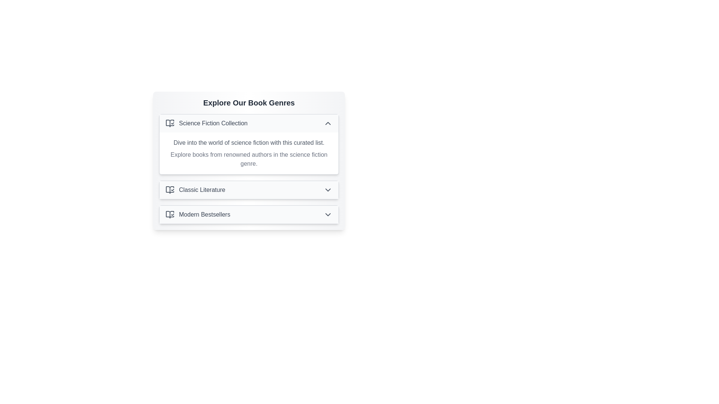 This screenshot has height=404, width=719. Describe the element at coordinates (249, 153) in the screenshot. I see `the Text Block that provides a detailed description of the 'Science Fiction Collection' to emphasize it` at that location.